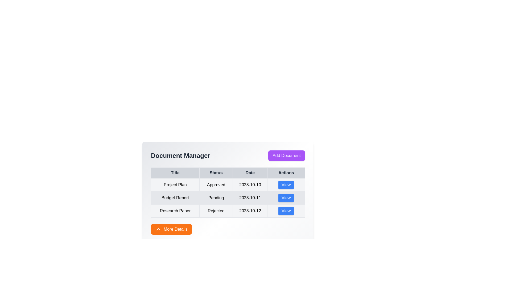  I want to click on the 'View' button with a blue background and white text in the 'Actions' column of the 'Project Plan' row, so click(286, 184).